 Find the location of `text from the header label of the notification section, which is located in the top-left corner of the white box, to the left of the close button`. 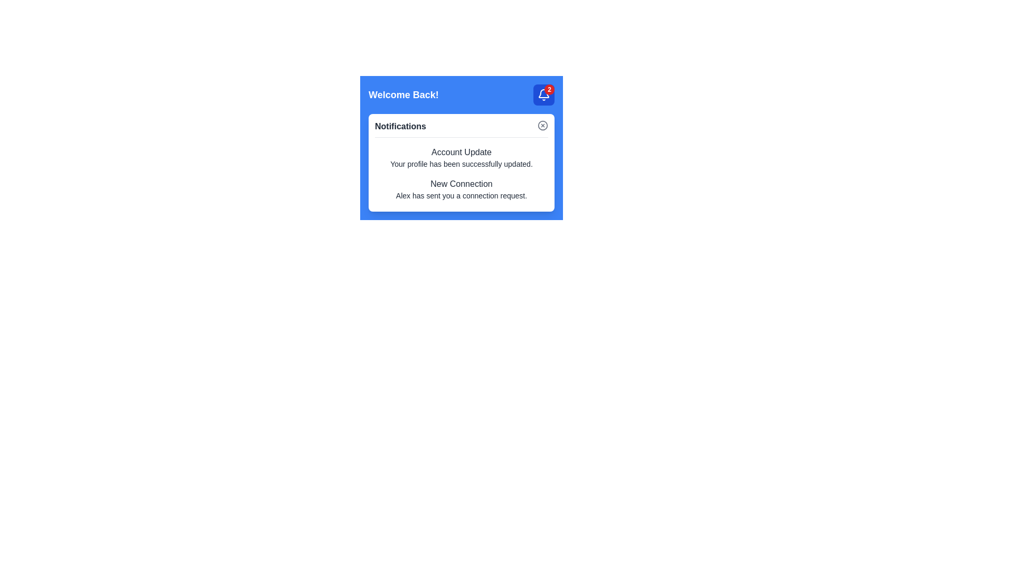

text from the header label of the notification section, which is located in the top-left corner of the white box, to the left of the close button is located at coordinates (400, 126).